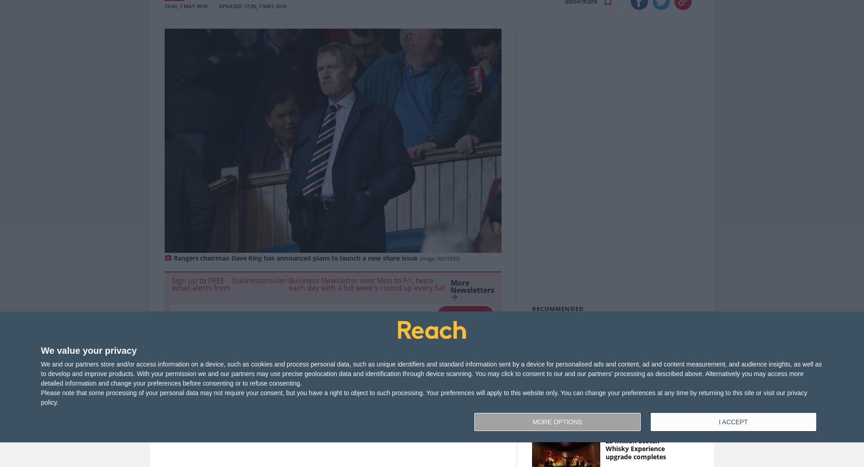 Image resolution: width=864 pixels, height=467 pixels. I want to click on 'You can find this story in', so click(402, 394).